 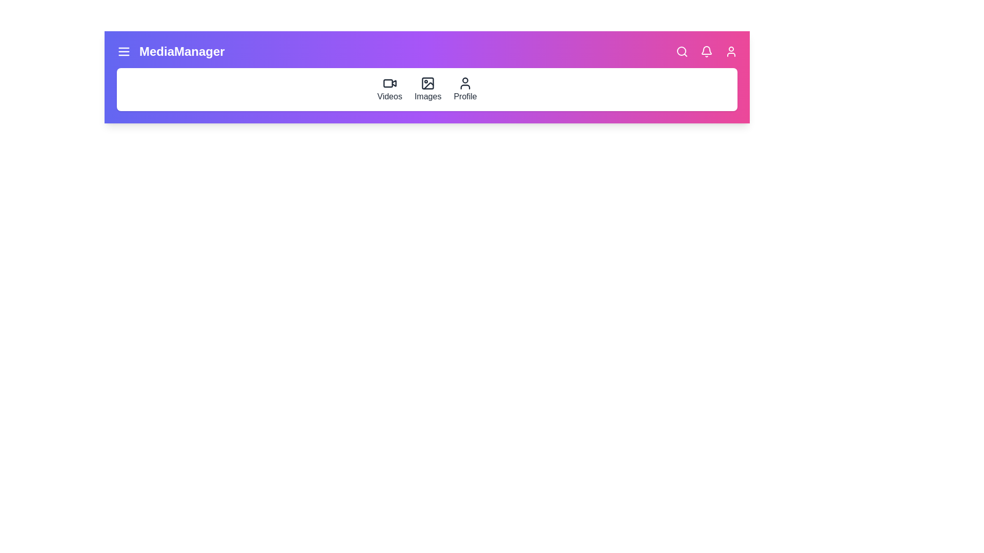 What do you see at coordinates (706, 51) in the screenshot?
I see `the bell icon to view notifications` at bounding box center [706, 51].